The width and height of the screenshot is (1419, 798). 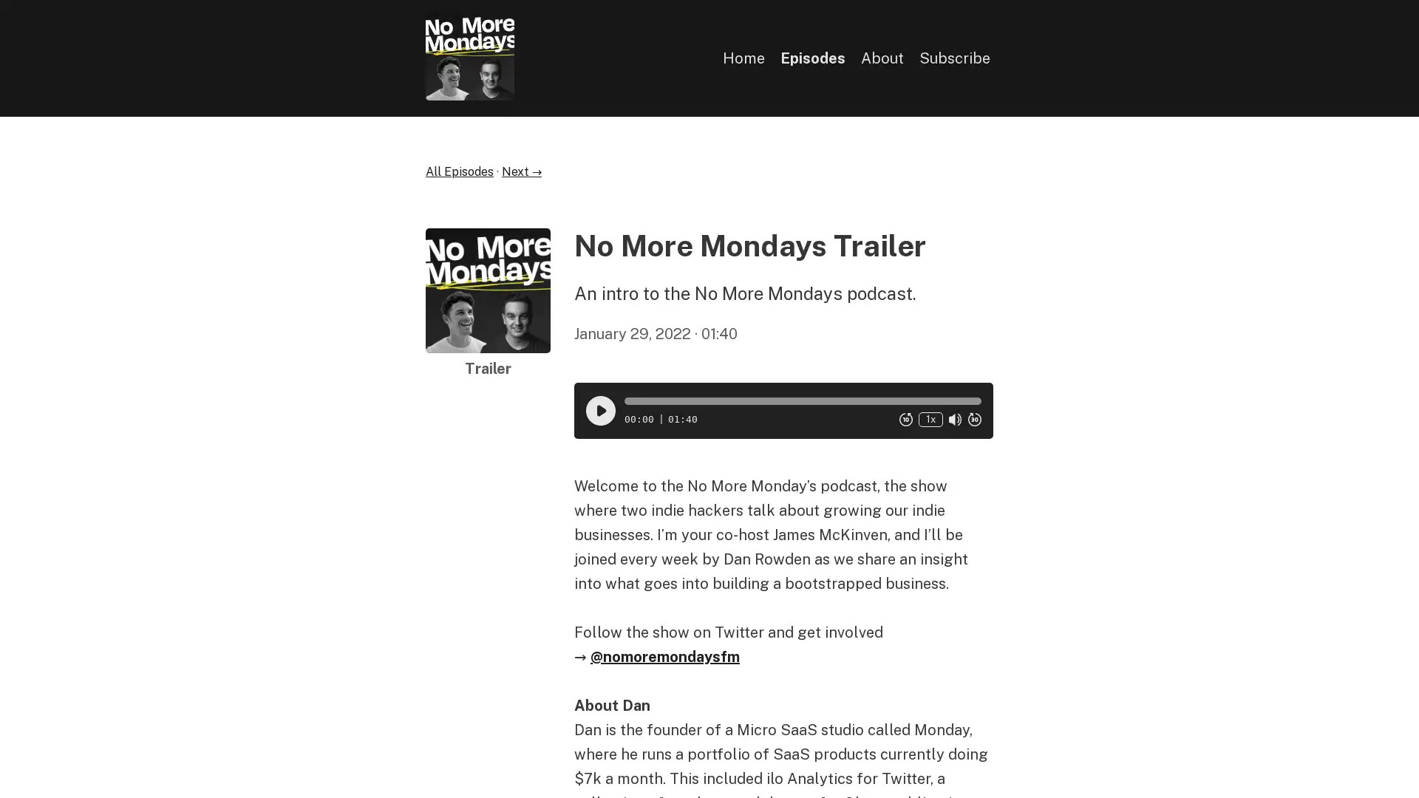 What do you see at coordinates (905, 419) in the screenshot?
I see `rewind` at bounding box center [905, 419].